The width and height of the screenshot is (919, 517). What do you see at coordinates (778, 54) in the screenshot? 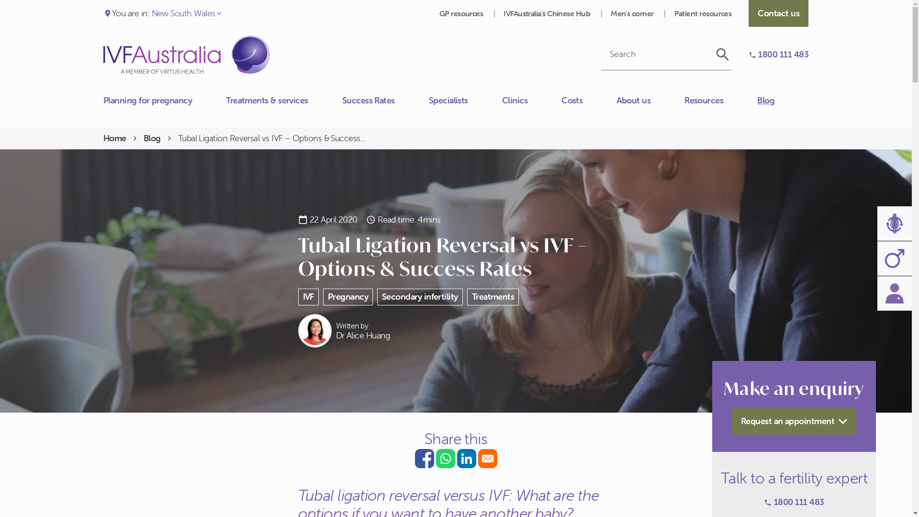
I see `'1800 111 483'` at bounding box center [778, 54].